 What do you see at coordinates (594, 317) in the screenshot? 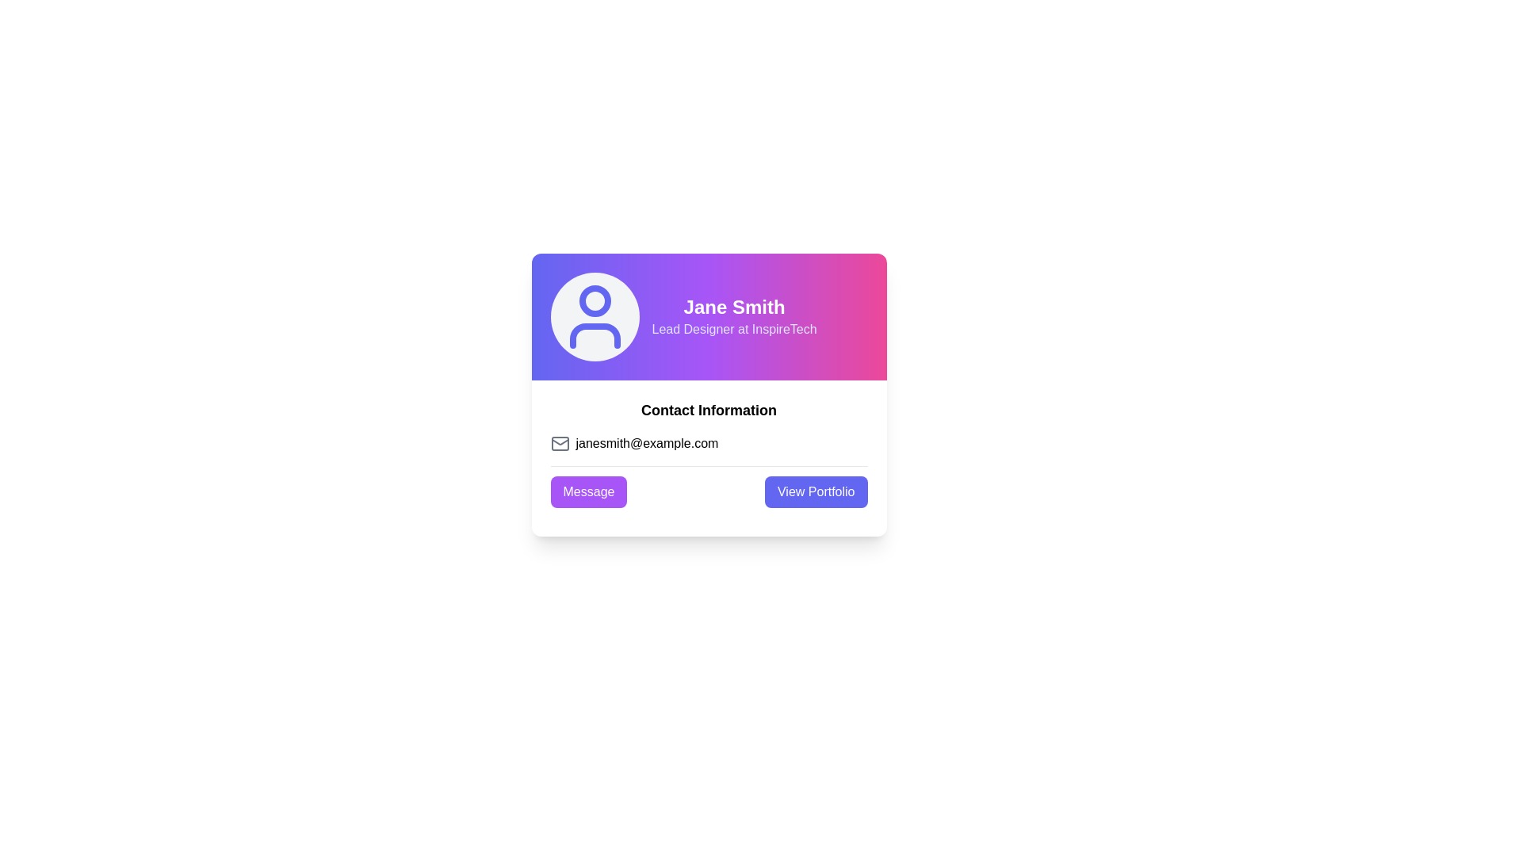
I see `the graphical icon representing the user or profile, which is centered within the gray circular area at the top-left of the rectangular card` at bounding box center [594, 317].